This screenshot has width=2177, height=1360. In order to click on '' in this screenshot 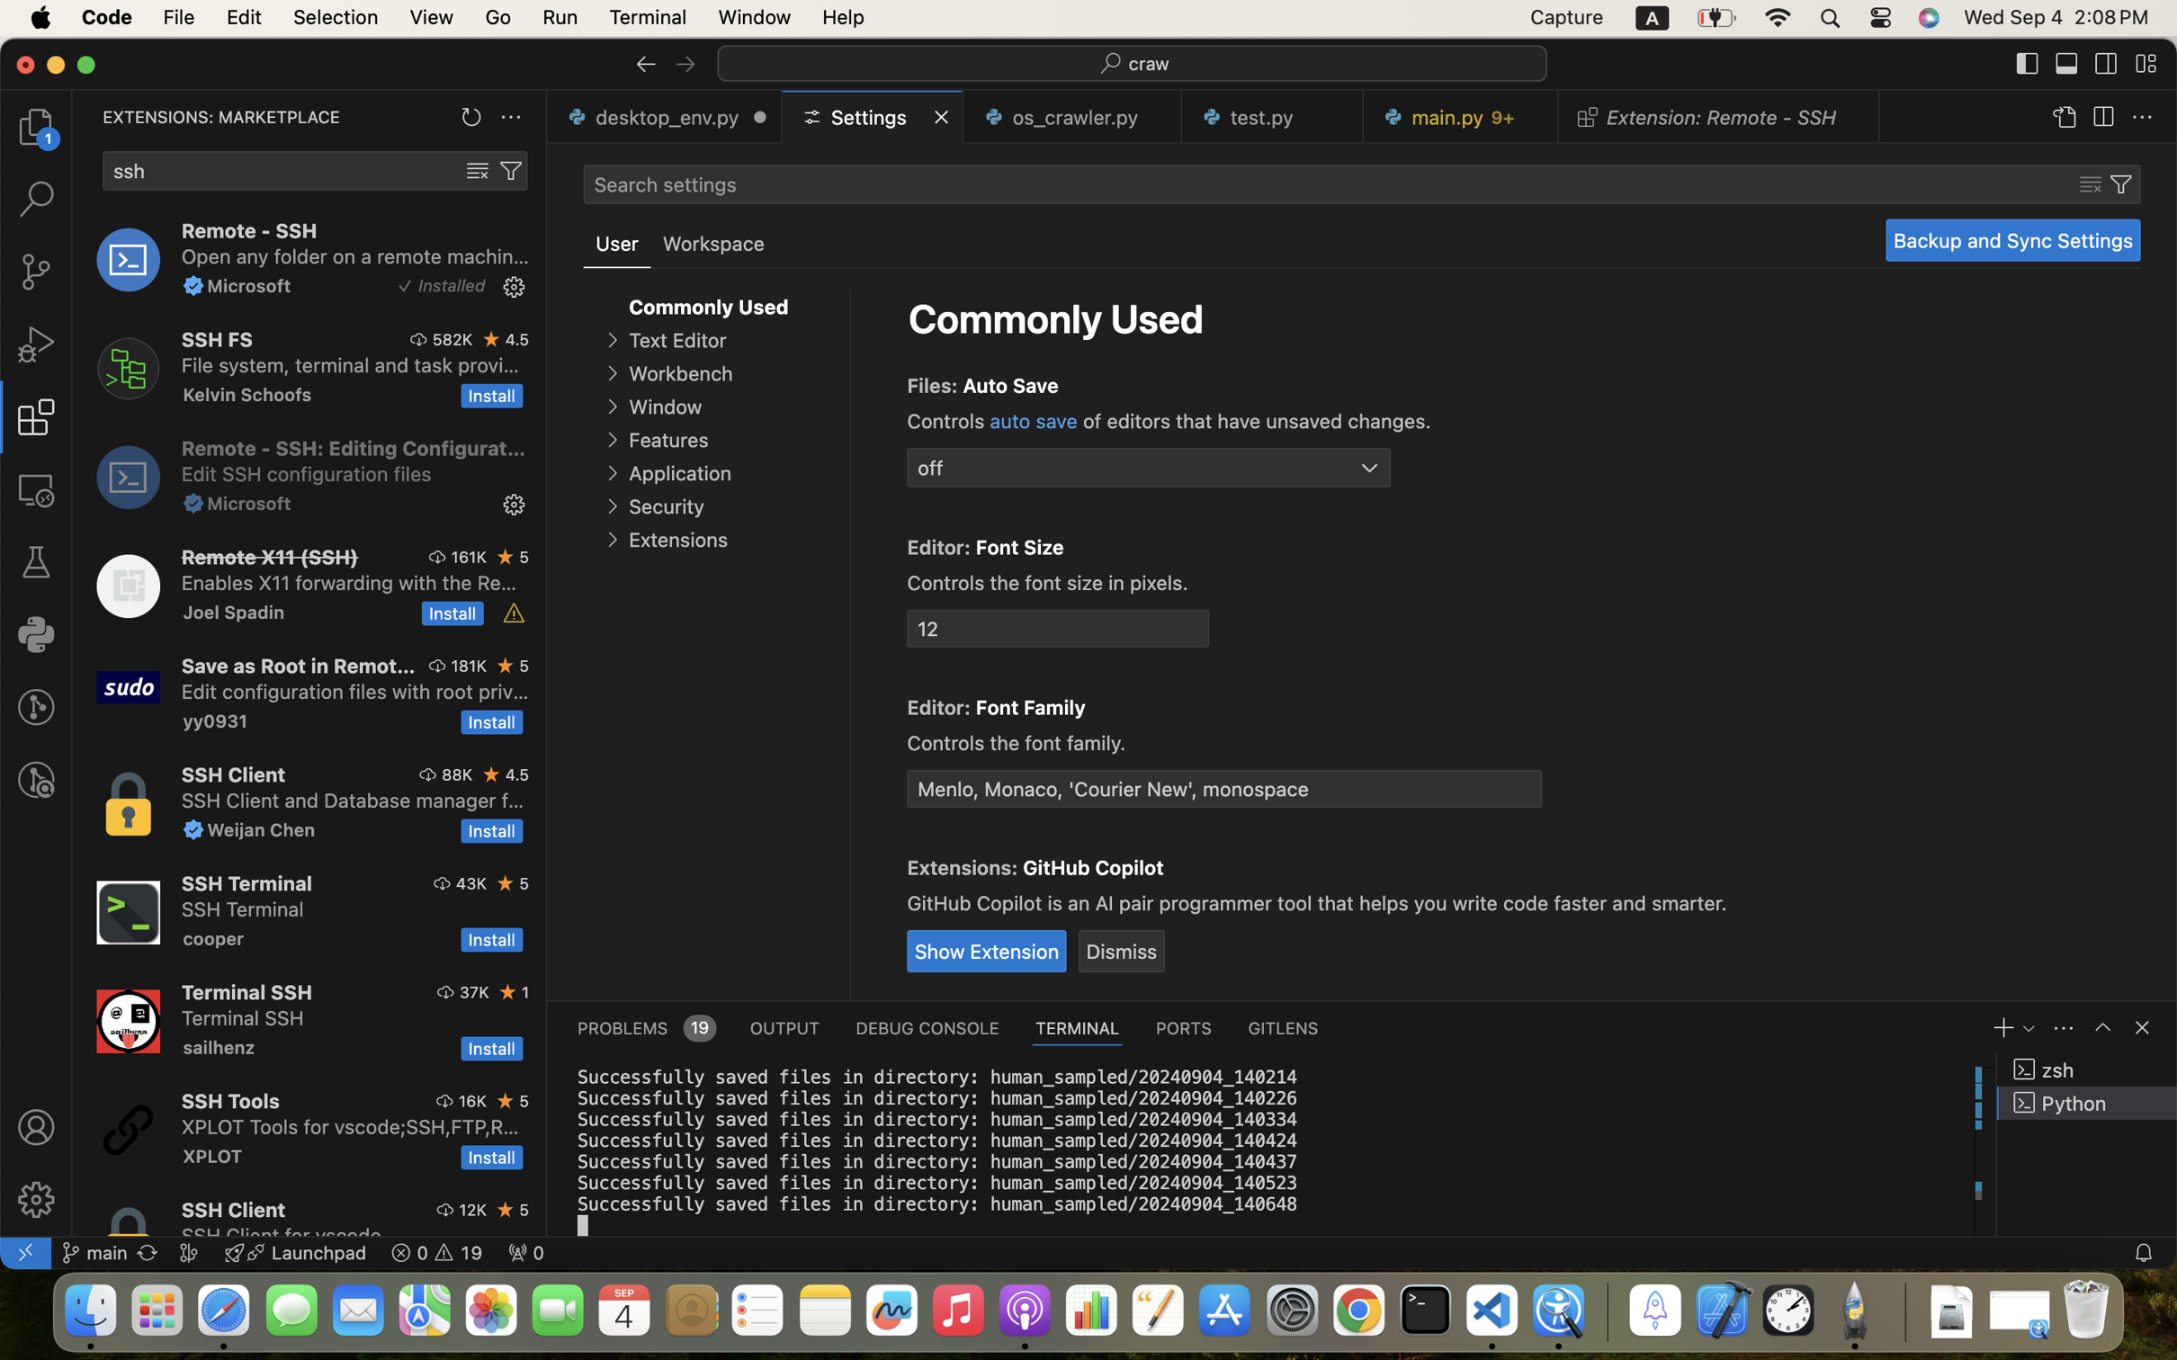, I will do `click(646, 63)`.